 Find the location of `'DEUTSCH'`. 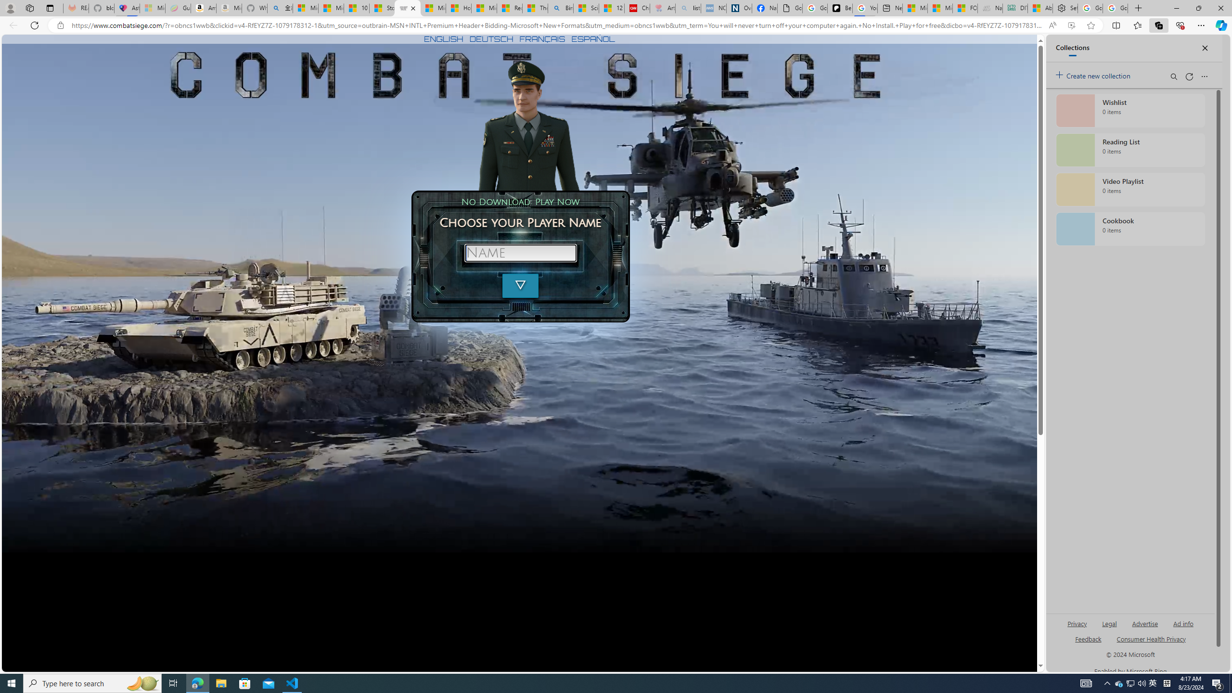

'DEUTSCH' is located at coordinates (491, 38).